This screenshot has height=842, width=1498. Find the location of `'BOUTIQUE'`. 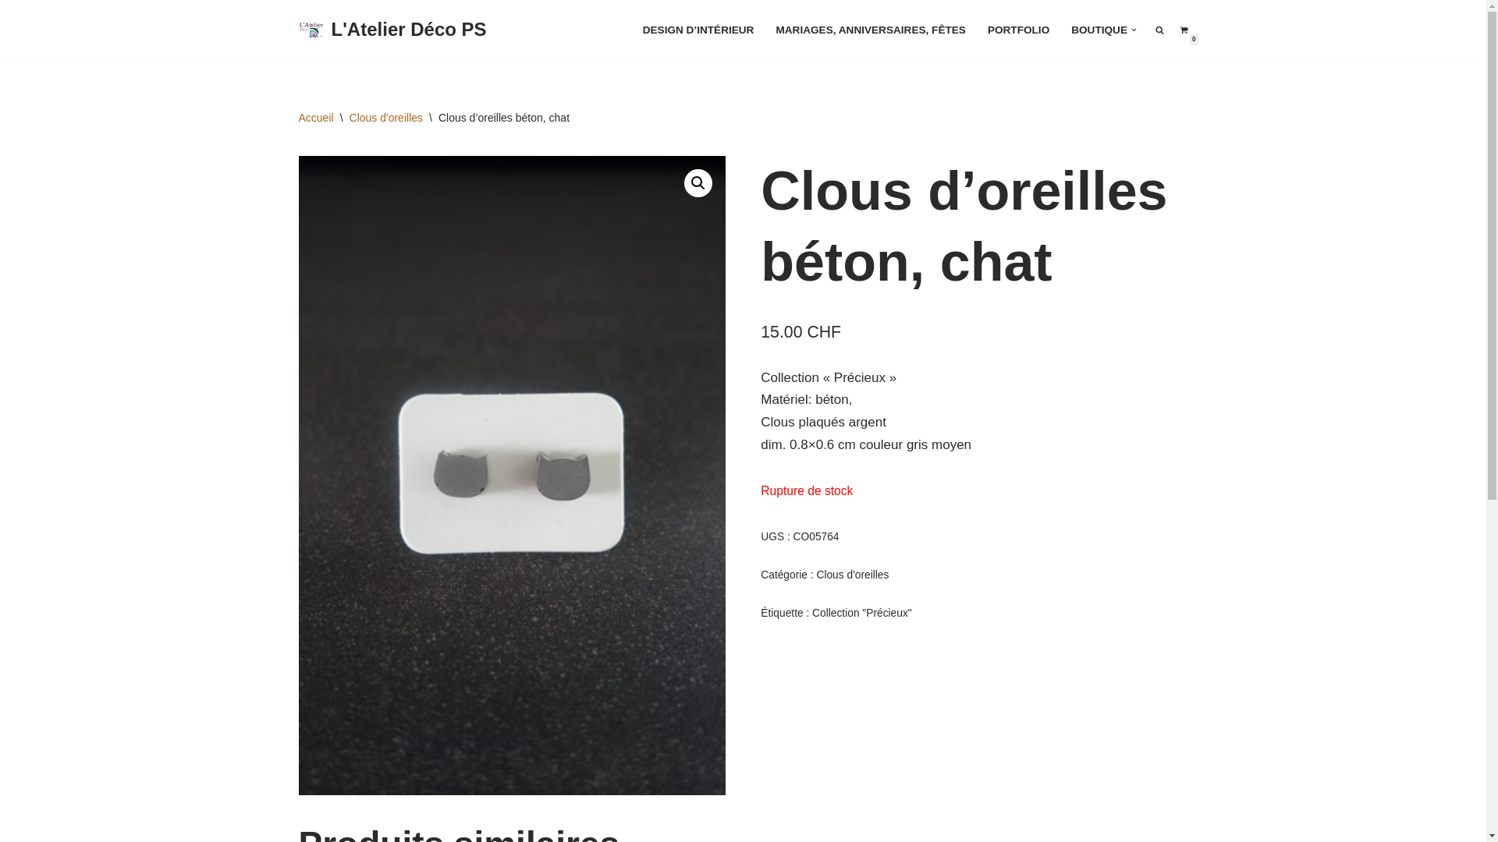

'BOUTIQUE' is located at coordinates (1099, 30).